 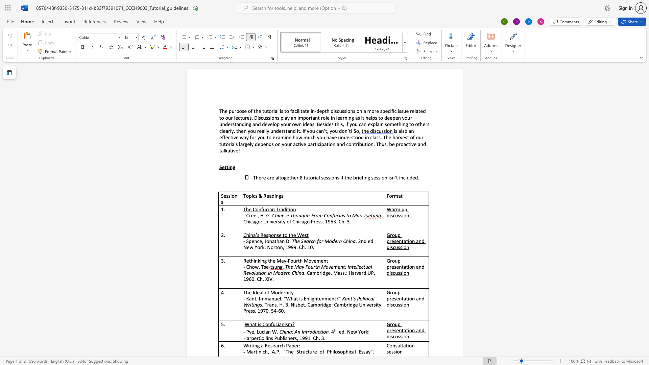 What do you see at coordinates (412, 177) in the screenshot?
I see `the space between the continuous character "d" and "e" in the text` at bounding box center [412, 177].